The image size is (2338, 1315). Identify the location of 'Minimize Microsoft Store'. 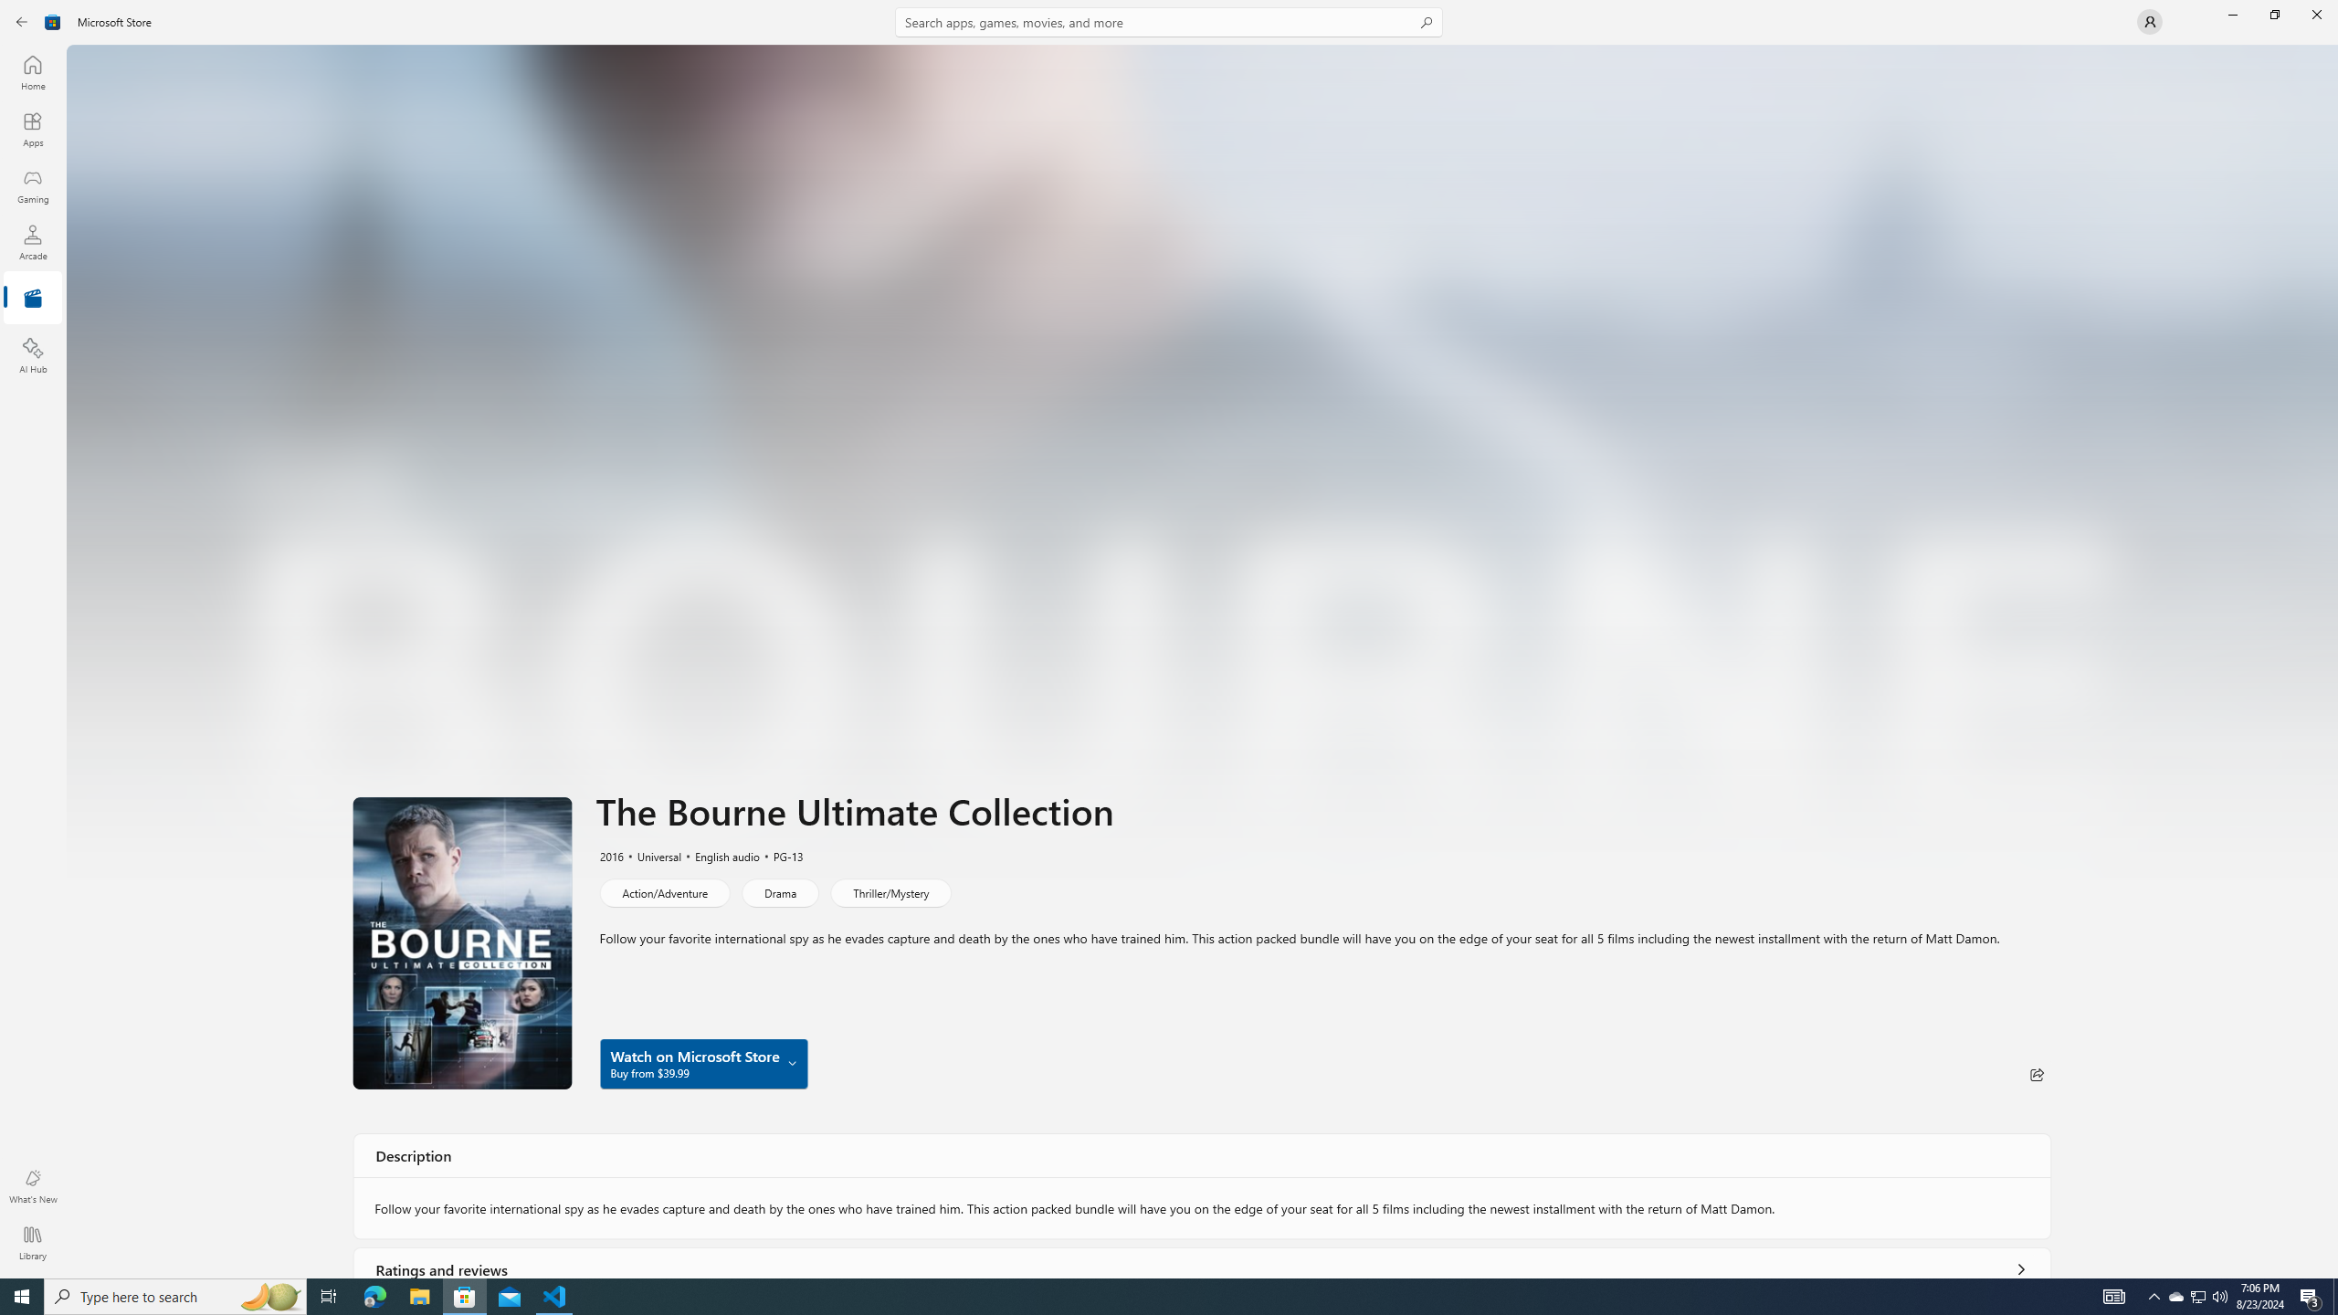
(2231, 14).